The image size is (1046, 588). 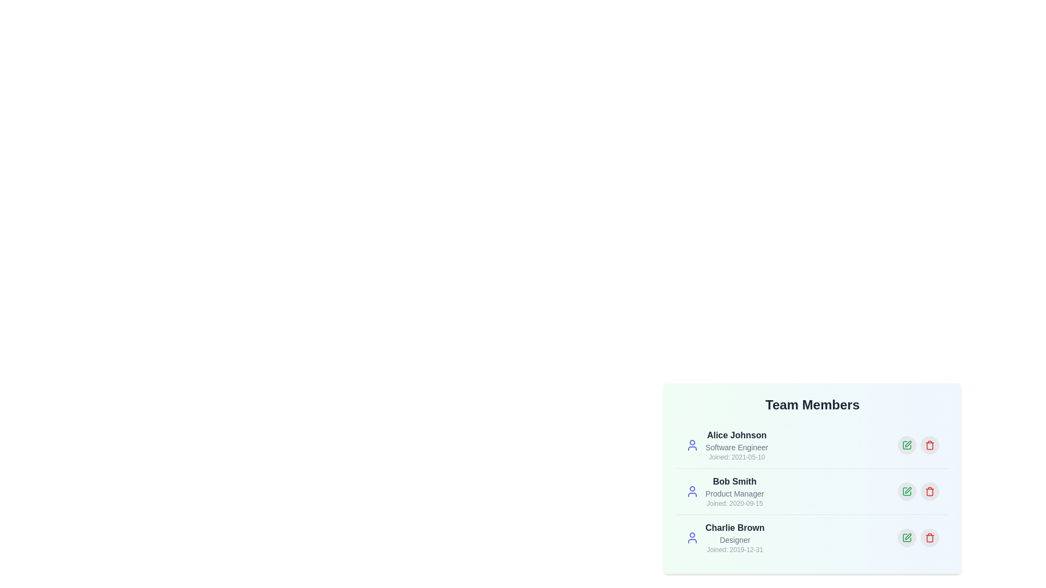 What do you see at coordinates (907, 445) in the screenshot?
I see `edit button for the user profile Alice Johnson` at bounding box center [907, 445].